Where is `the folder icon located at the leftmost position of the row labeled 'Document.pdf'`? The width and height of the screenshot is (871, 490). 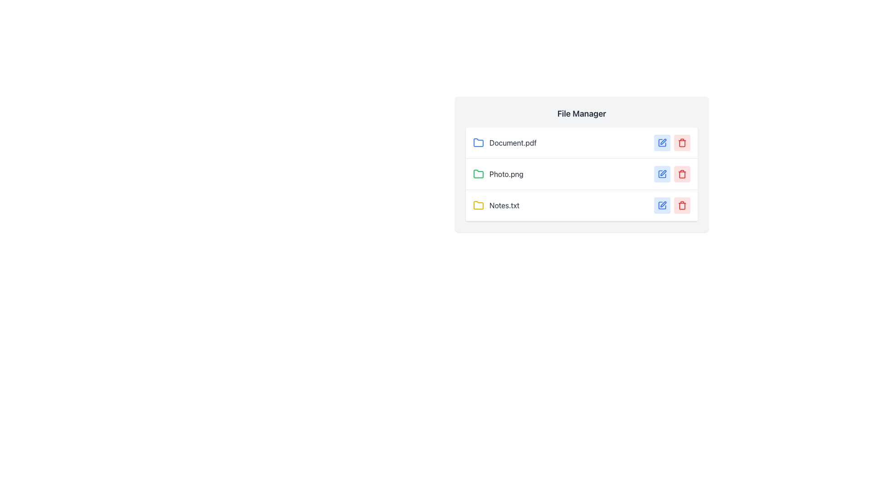 the folder icon located at the leftmost position of the row labeled 'Document.pdf' is located at coordinates (478, 143).